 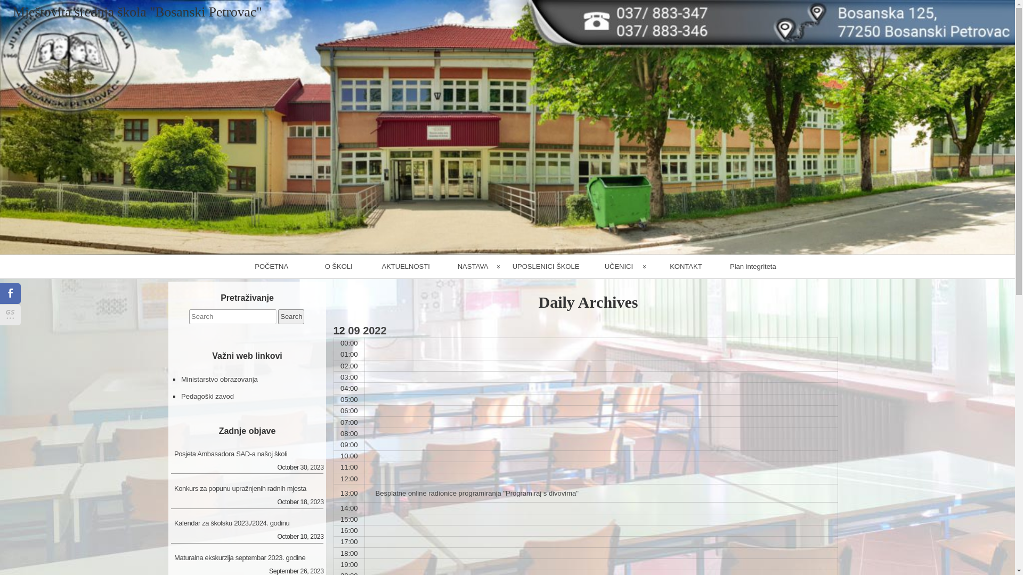 What do you see at coordinates (752, 266) in the screenshot?
I see `'Plan integriteta'` at bounding box center [752, 266].